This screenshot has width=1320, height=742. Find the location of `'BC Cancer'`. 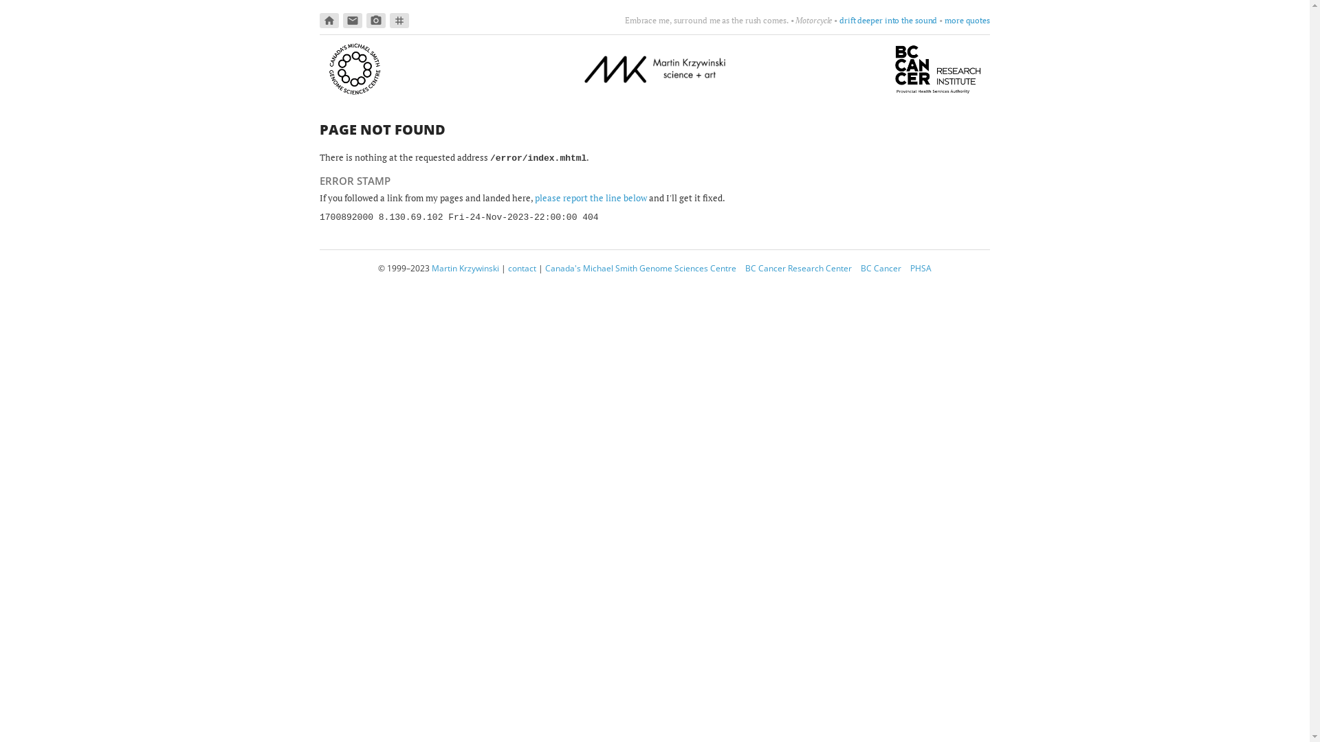

'BC Cancer' is located at coordinates (881, 268).